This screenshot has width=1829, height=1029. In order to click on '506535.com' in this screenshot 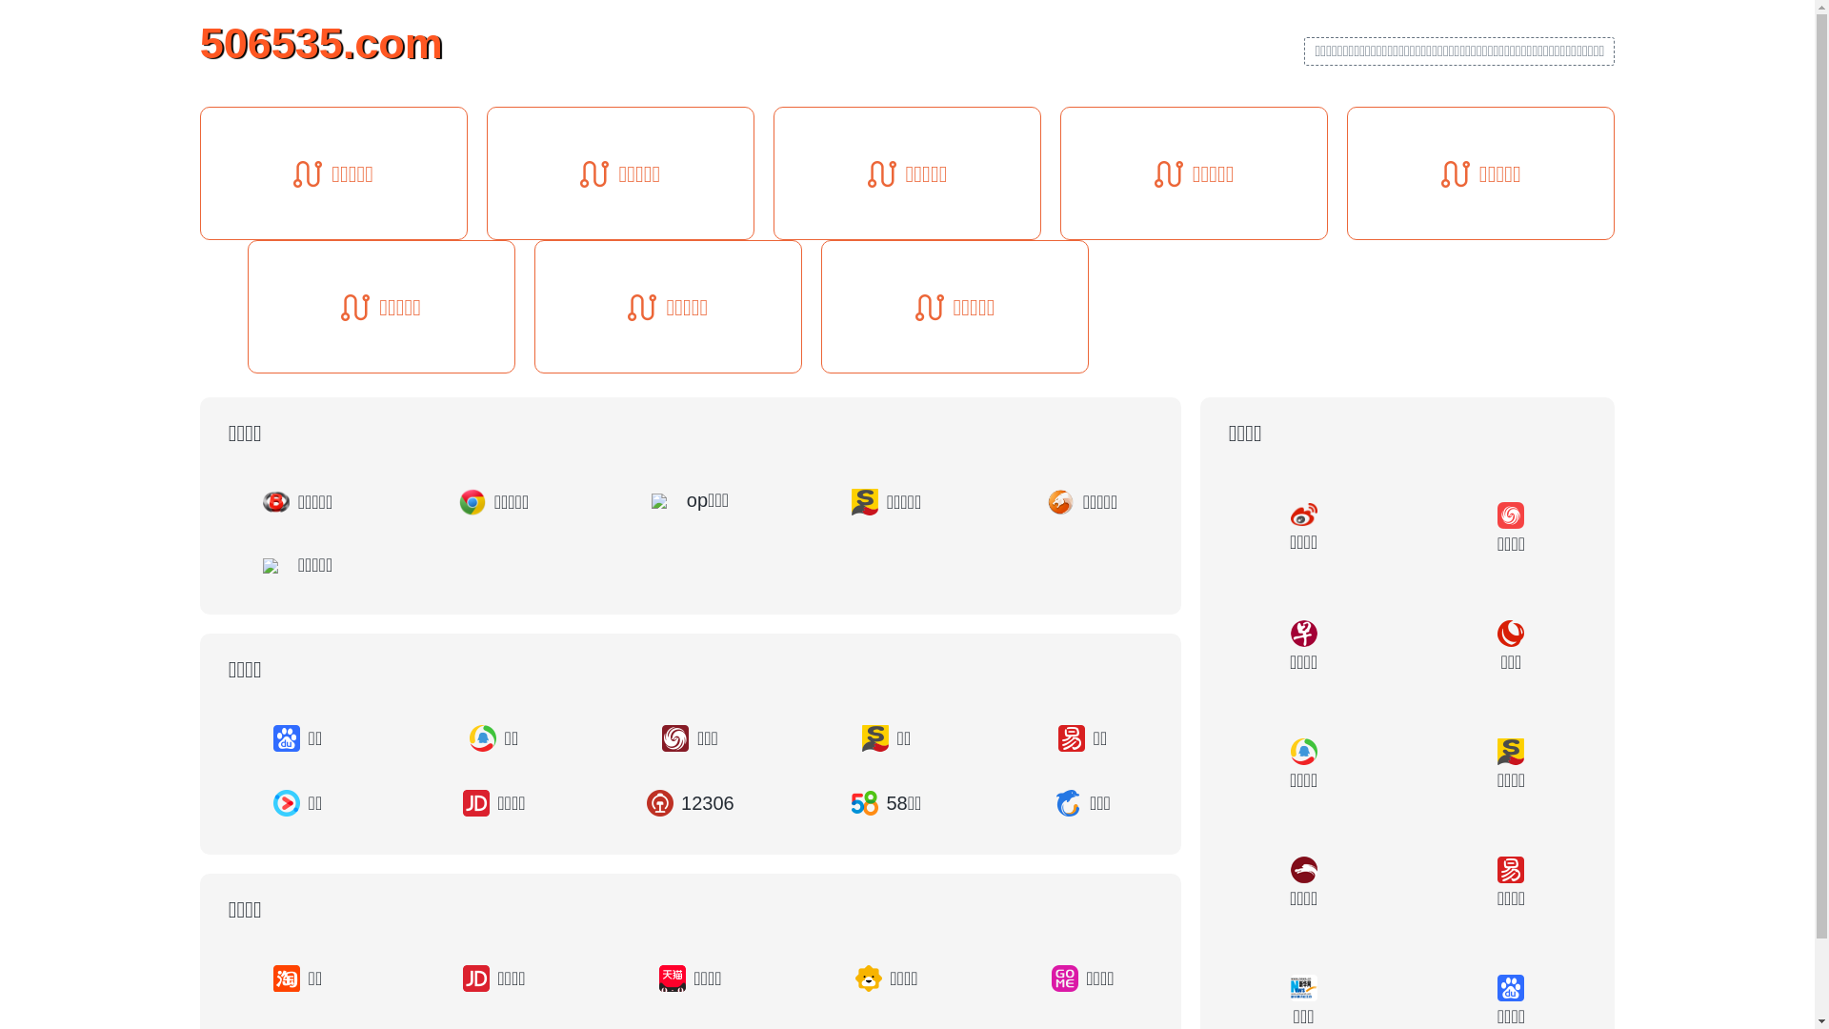, I will do `click(321, 41)`.